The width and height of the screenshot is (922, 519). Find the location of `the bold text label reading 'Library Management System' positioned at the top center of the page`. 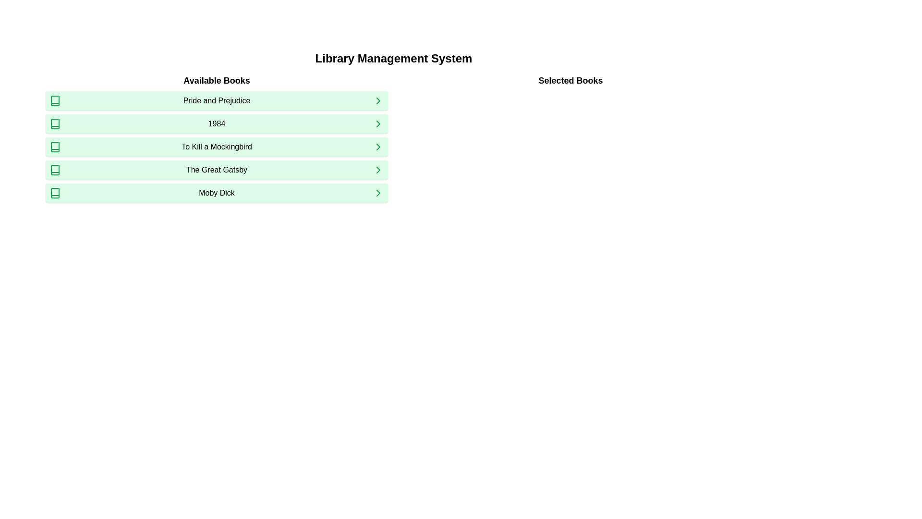

the bold text label reading 'Library Management System' positioned at the top center of the page is located at coordinates (394, 59).